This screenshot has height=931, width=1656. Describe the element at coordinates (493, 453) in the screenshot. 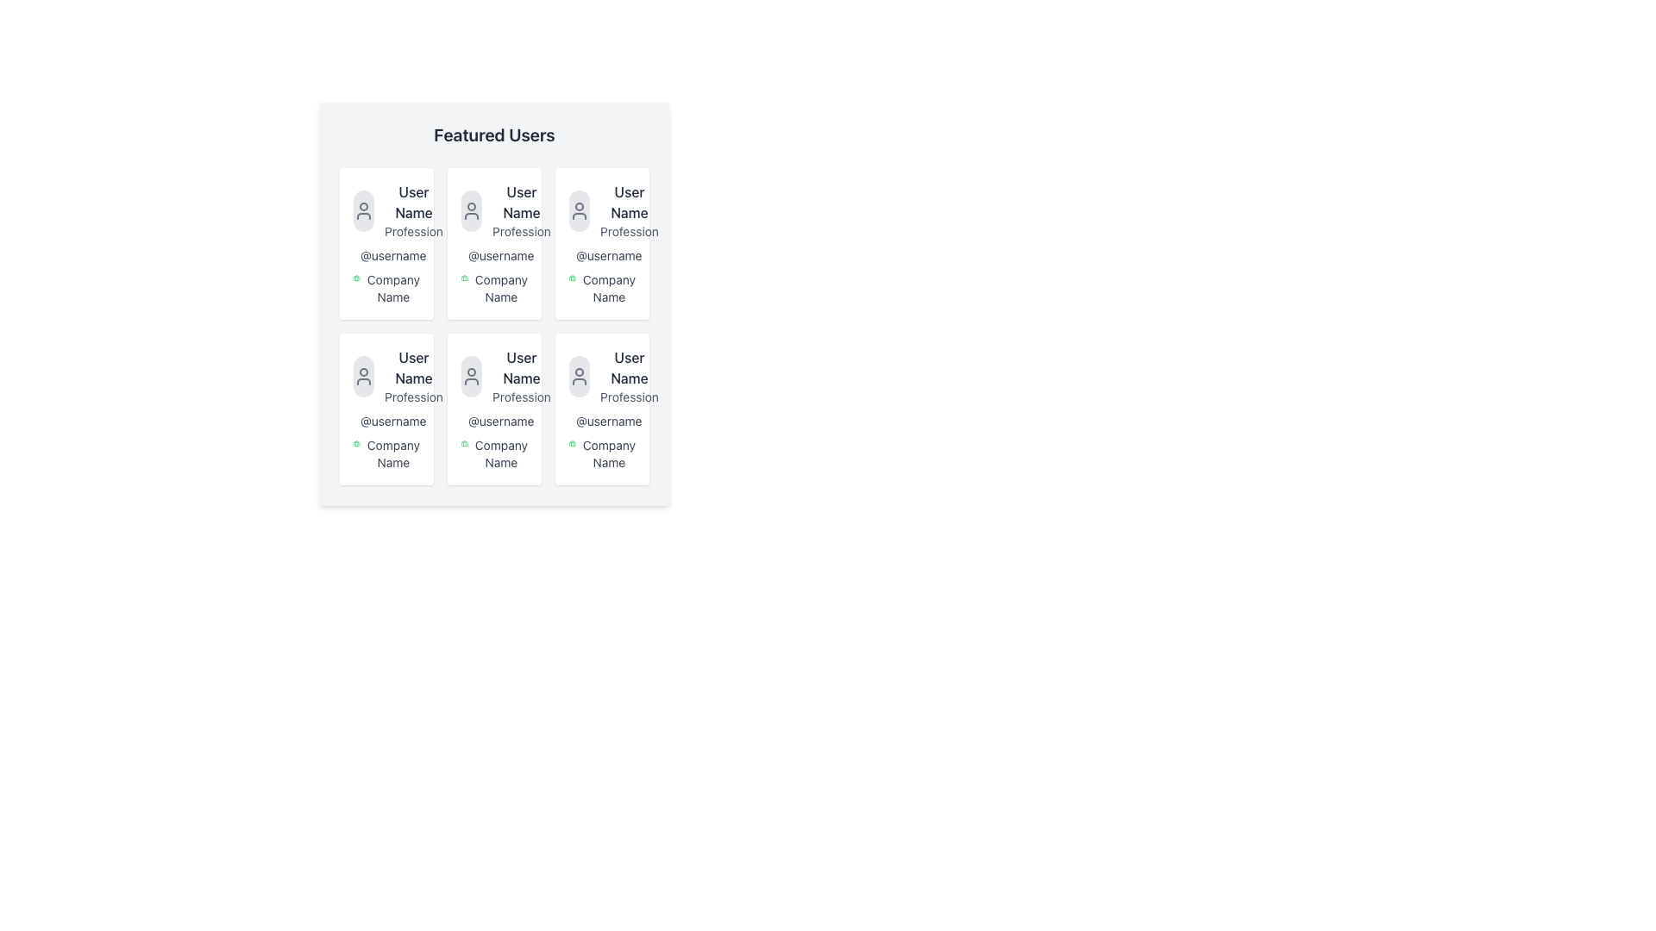

I see `the text label that reads 'Company Name', which is styled in small gray font and accompanied by a small green briefcase icon, located in the 'Featured Users' section of the user card layout` at that location.